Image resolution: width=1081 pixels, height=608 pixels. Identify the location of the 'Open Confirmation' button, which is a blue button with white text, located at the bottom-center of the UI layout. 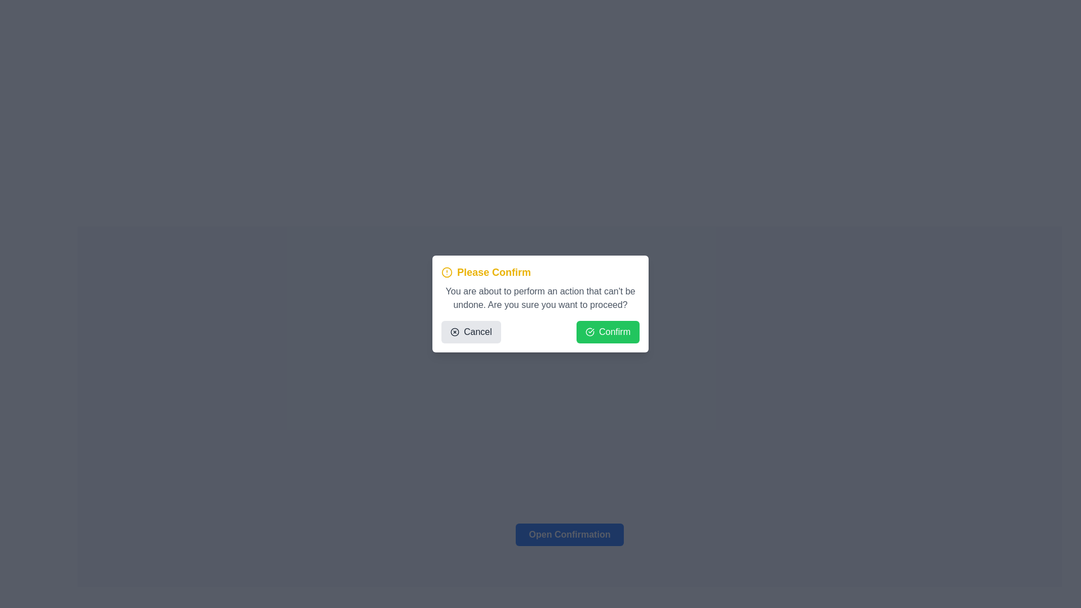
(570, 530).